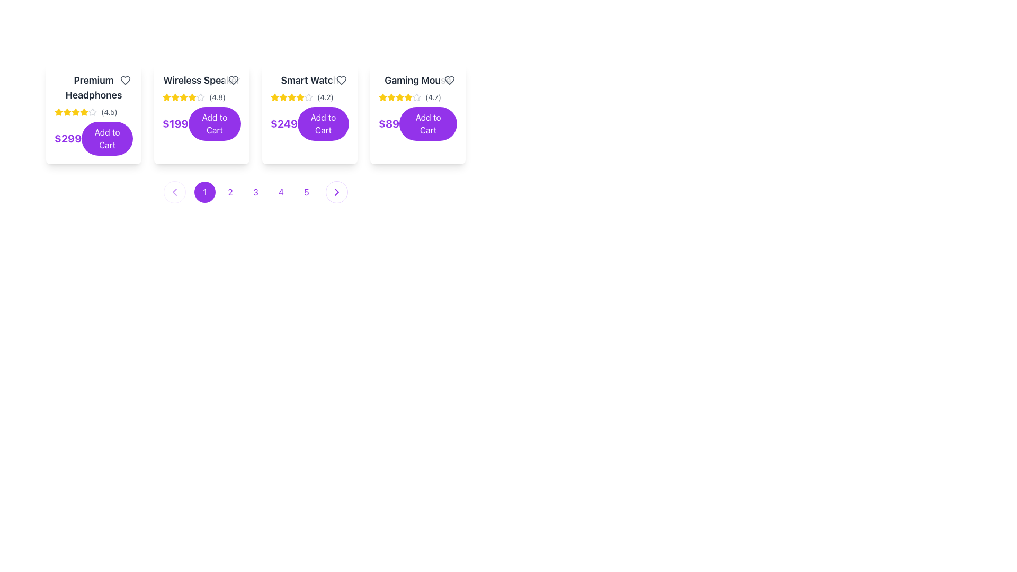  Describe the element at coordinates (336, 192) in the screenshot. I see `the rightward arrowhead icon in the navigation bar` at that location.